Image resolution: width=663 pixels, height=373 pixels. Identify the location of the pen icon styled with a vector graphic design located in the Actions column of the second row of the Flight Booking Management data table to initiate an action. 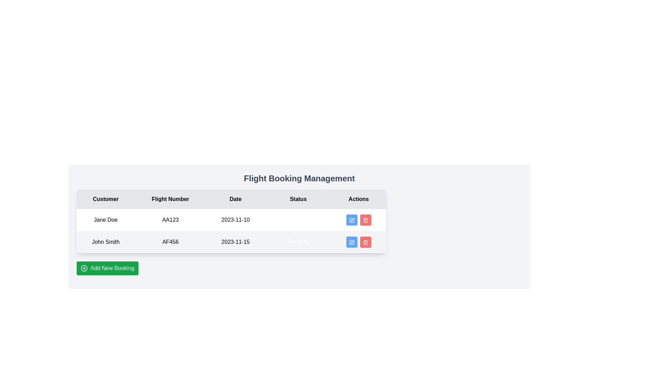
(352, 219).